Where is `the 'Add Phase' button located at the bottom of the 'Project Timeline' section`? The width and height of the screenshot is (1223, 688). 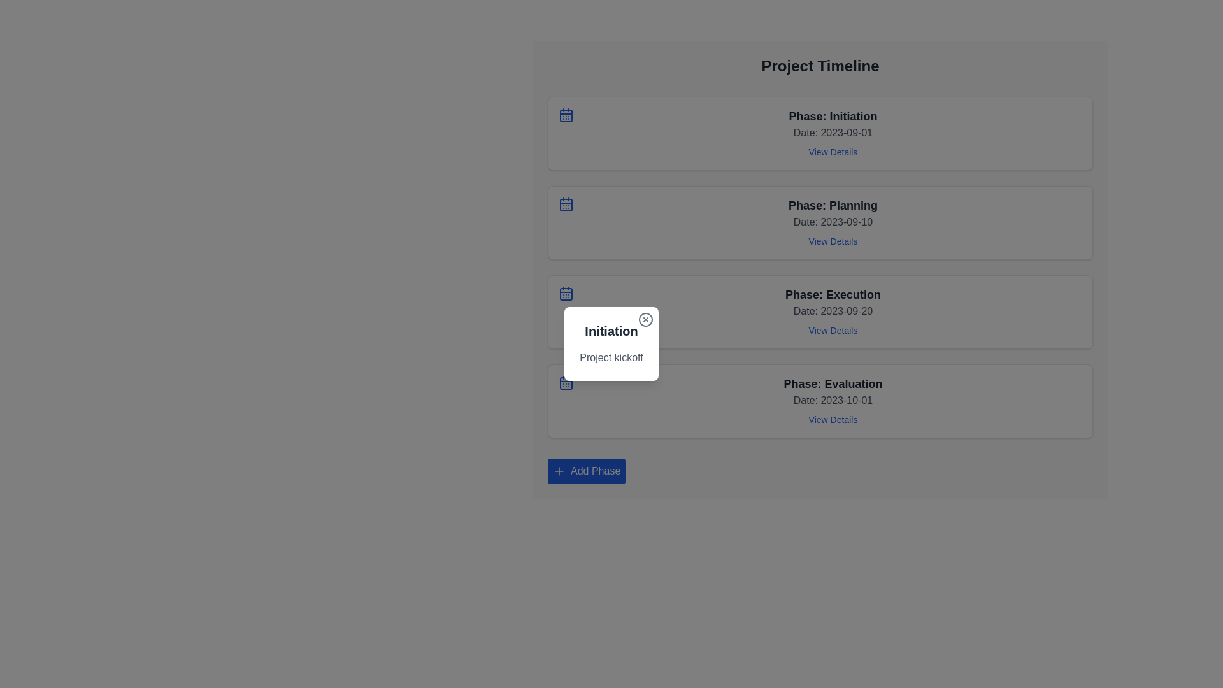 the 'Add Phase' button located at the bottom of the 'Project Timeline' section is located at coordinates (586, 471).